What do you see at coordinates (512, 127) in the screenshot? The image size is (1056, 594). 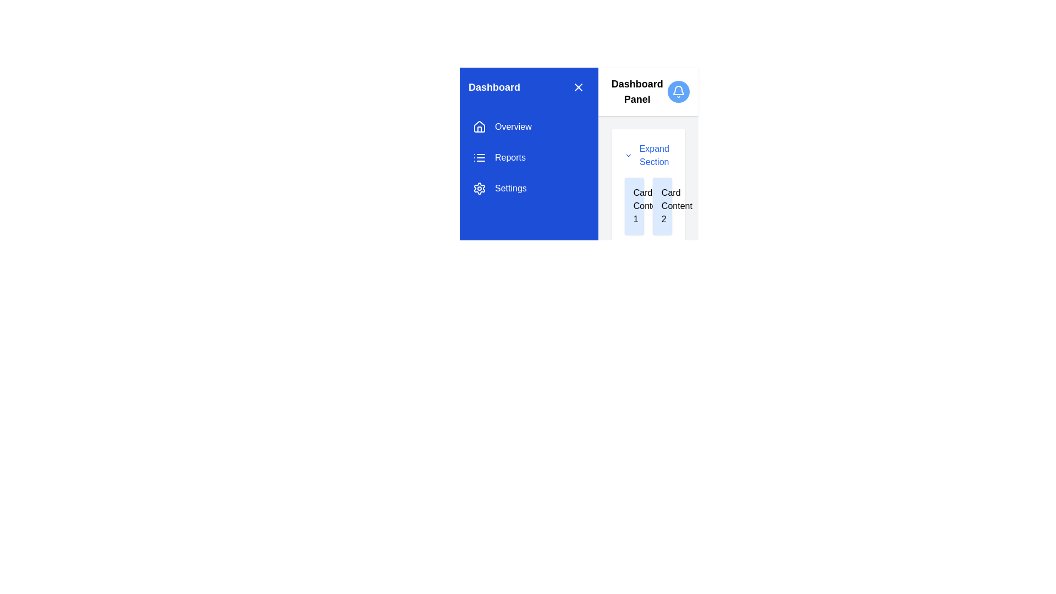 I see `the 'Overview' text label in the navigation menu` at bounding box center [512, 127].